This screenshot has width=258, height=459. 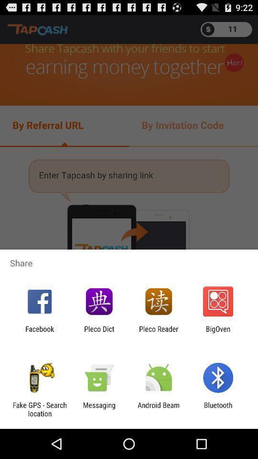 What do you see at coordinates (159, 409) in the screenshot?
I see `the icon next to the bluetooth` at bounding box center [159, 409].